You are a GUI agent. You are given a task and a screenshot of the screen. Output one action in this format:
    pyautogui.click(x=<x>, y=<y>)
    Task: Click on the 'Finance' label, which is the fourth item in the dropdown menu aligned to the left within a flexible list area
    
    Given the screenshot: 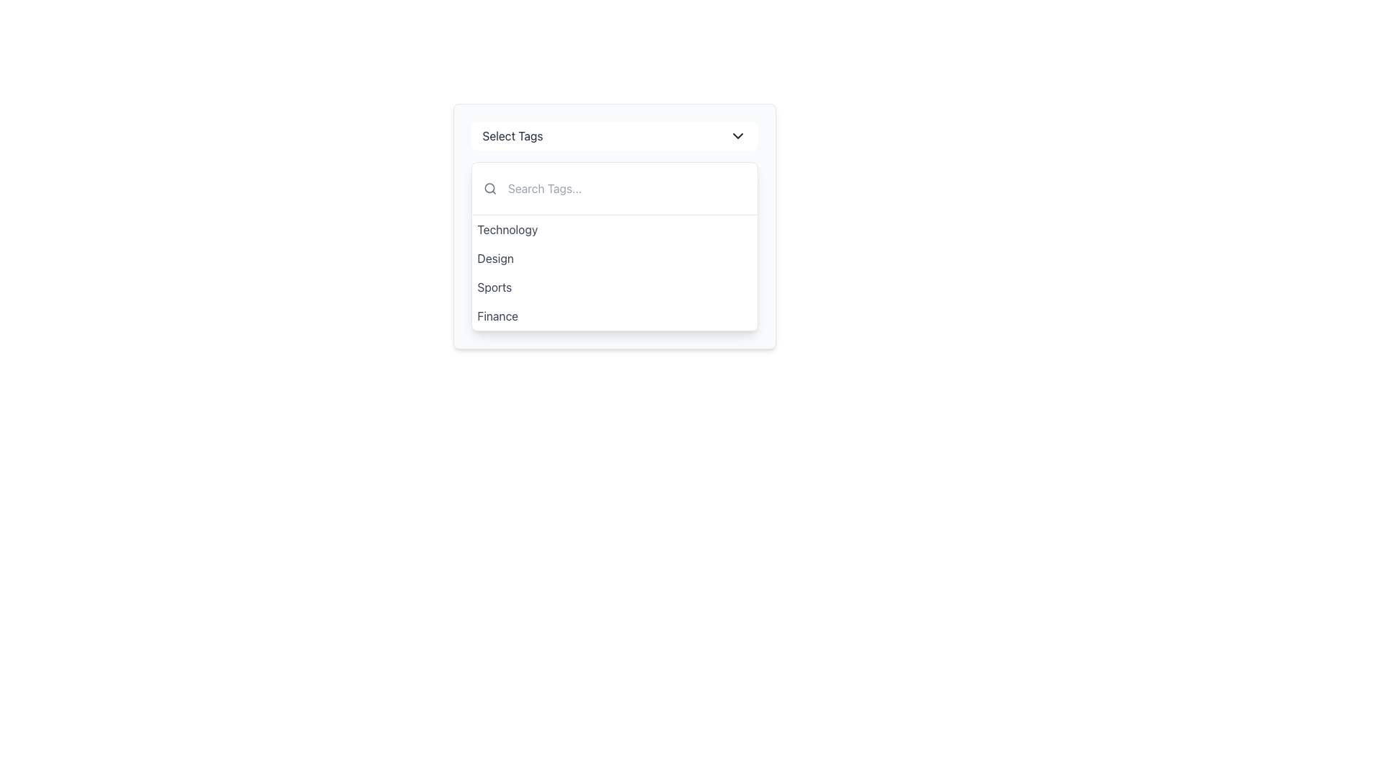 What is the action you would take?
    pyautogui.click(x=497, y=316)
    